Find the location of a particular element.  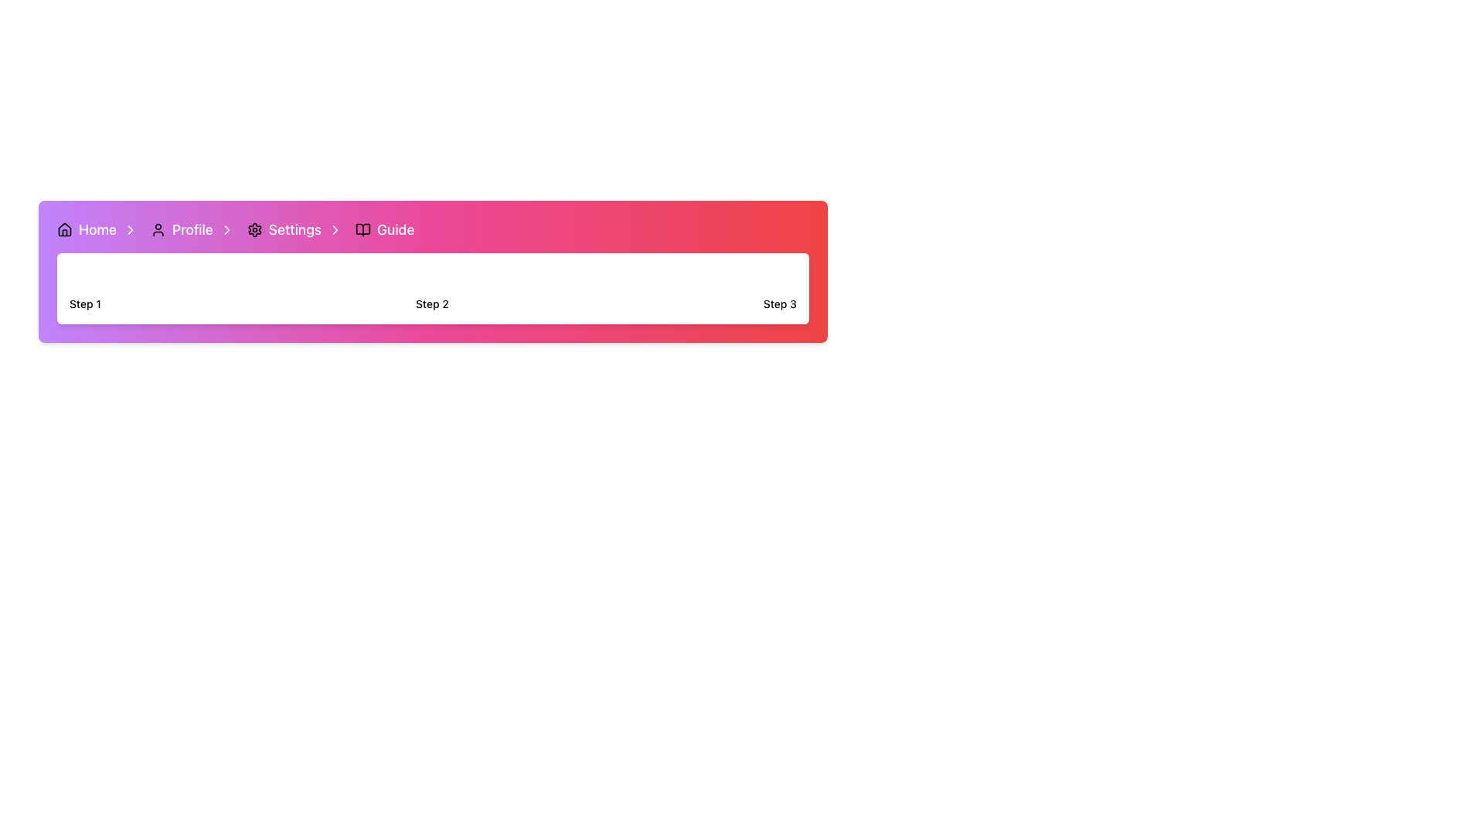

the gear icon button located in the horizontal menu bar is located at coordinates (254, 229).